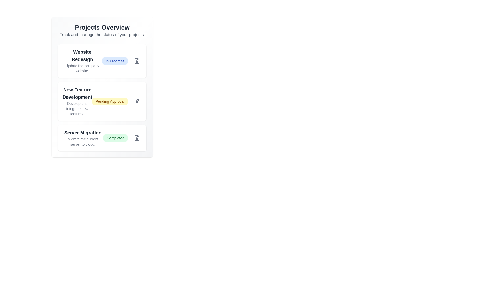 Image resolution: width=504 pixels, height=283 pixels. Describe the element at coordinates (137, 138) in the screenshot. I see `the icon button associated with the project named Server Migration` at that location.